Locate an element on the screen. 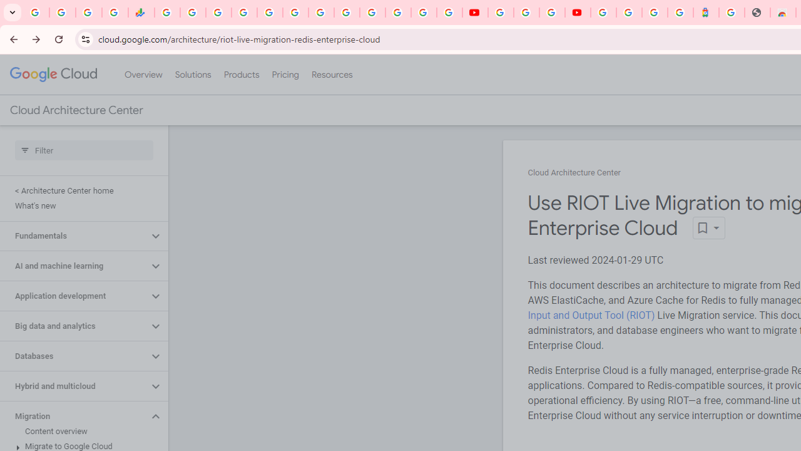 Image resolution: width=801 pixels, height=451 pixels. 'Android TV Policies and Guidelines - Transparency Center' is located at coordinates (321, 13).